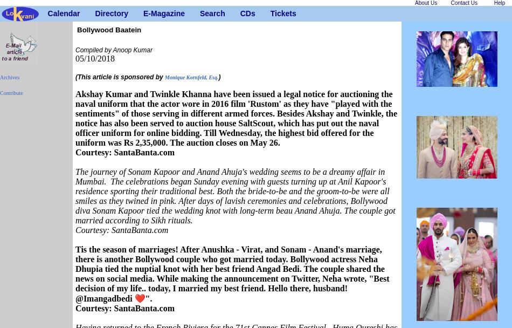 The image size is (512, 328). I want to click on 'Directory', so click(111, 13).